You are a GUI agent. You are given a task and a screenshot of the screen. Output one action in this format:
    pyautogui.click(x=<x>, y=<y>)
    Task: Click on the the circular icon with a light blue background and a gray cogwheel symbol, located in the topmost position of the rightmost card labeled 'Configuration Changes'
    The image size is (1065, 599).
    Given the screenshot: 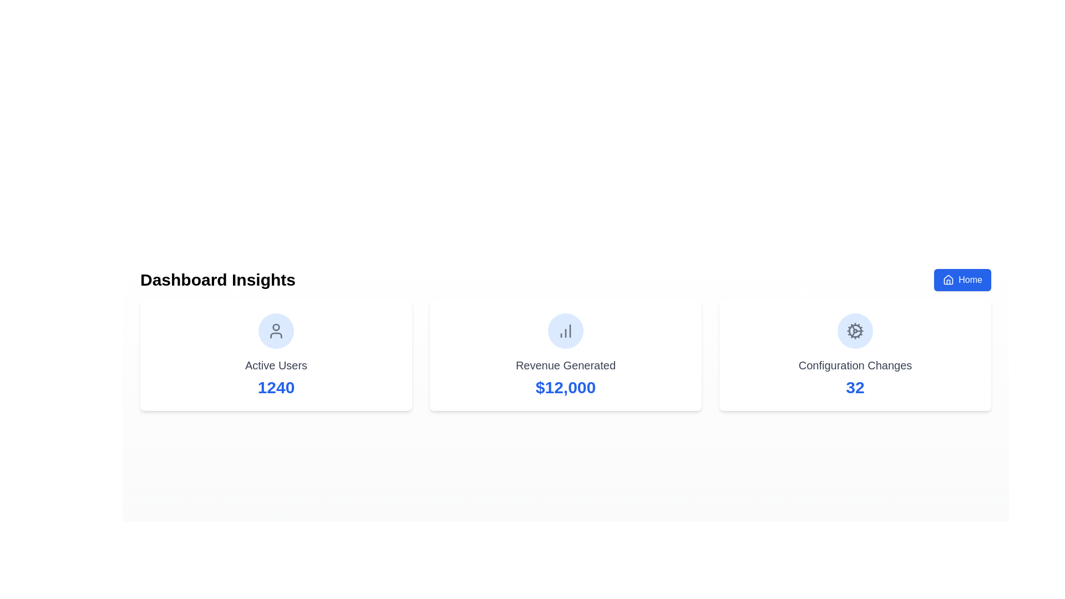 What is the action you would take?
    pyautogui.click(x=854, y=331)
    